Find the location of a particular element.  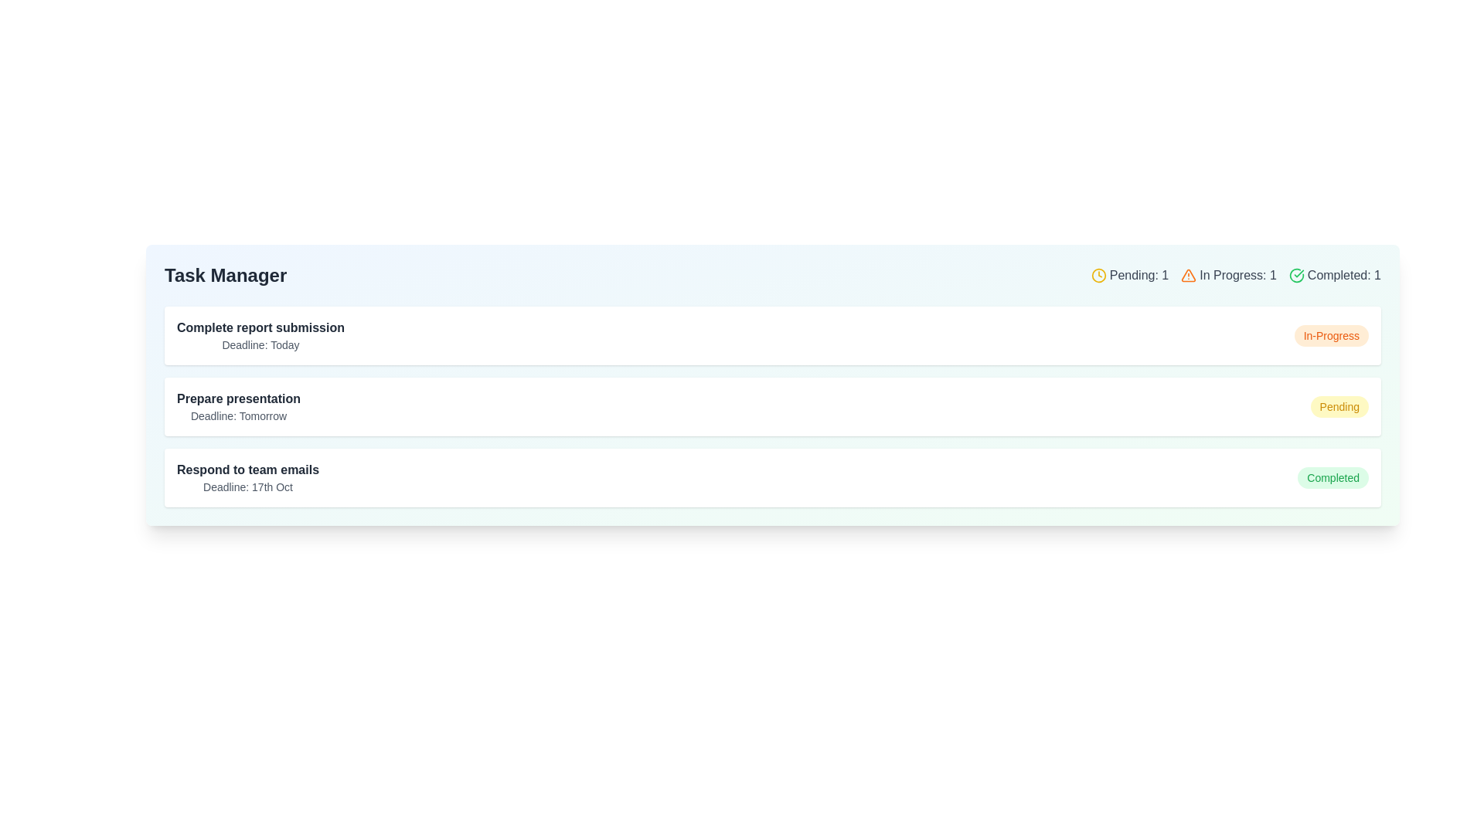

status displayed on the small rounded rectangular label with a soft orange background that reads 'In-Progress', located under the 'Task Manager' section aligned to the right is located at coordinates (1330, 335).